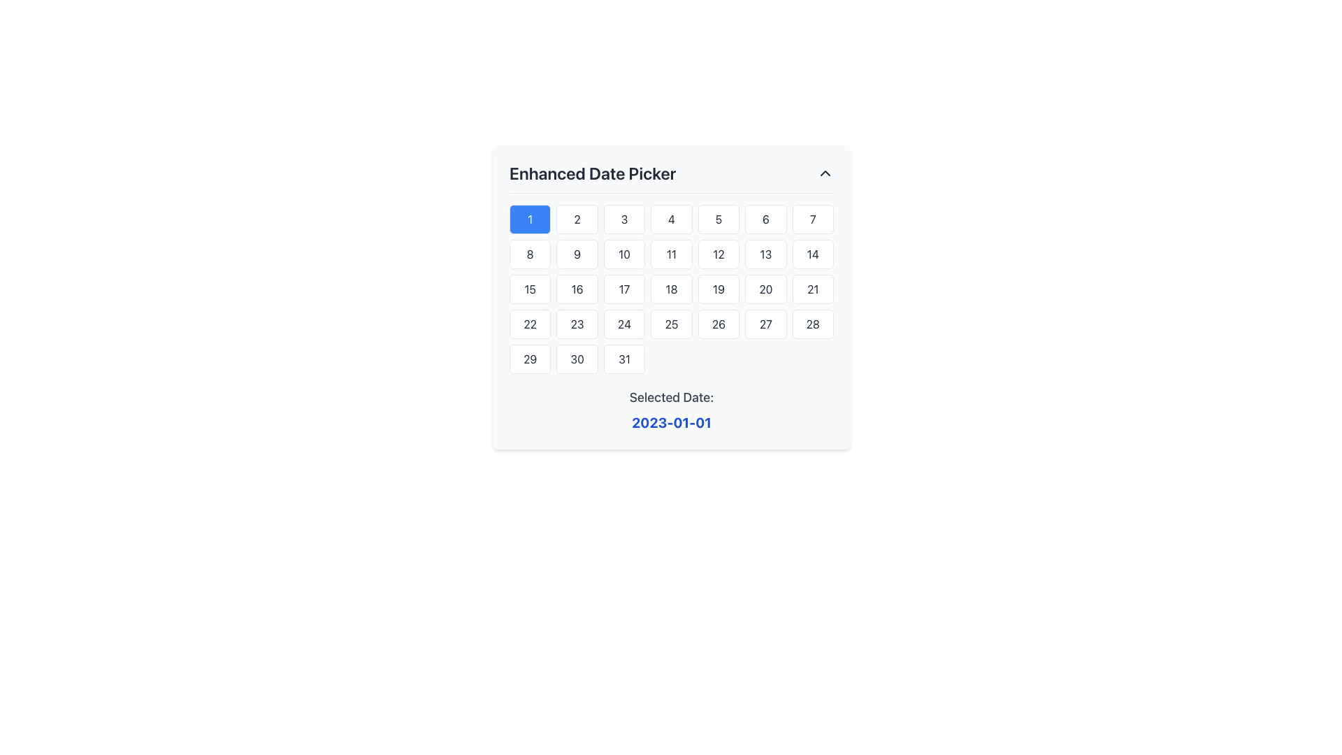 This screenshot has width=1342, height=755. Describe the element at coordinates (529, 254) in the screenshot. I see `the date selection button for the date '8' located in the first column of the second row in the Enhanced Date Picker interface` at that location.